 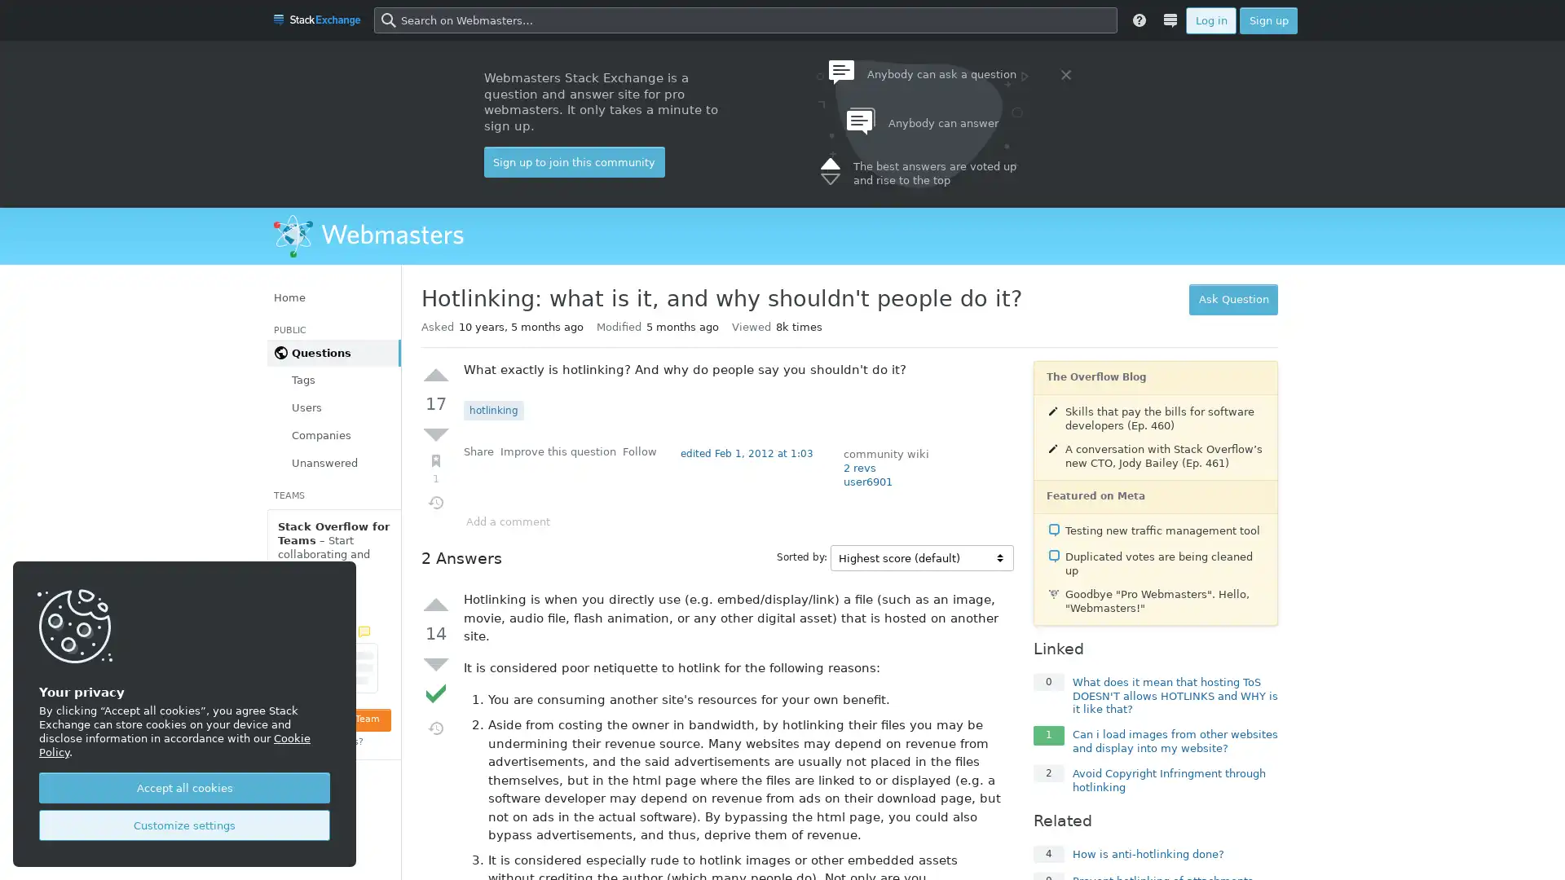 I want to click on Bookmark (1), so click(x=435, y=469).